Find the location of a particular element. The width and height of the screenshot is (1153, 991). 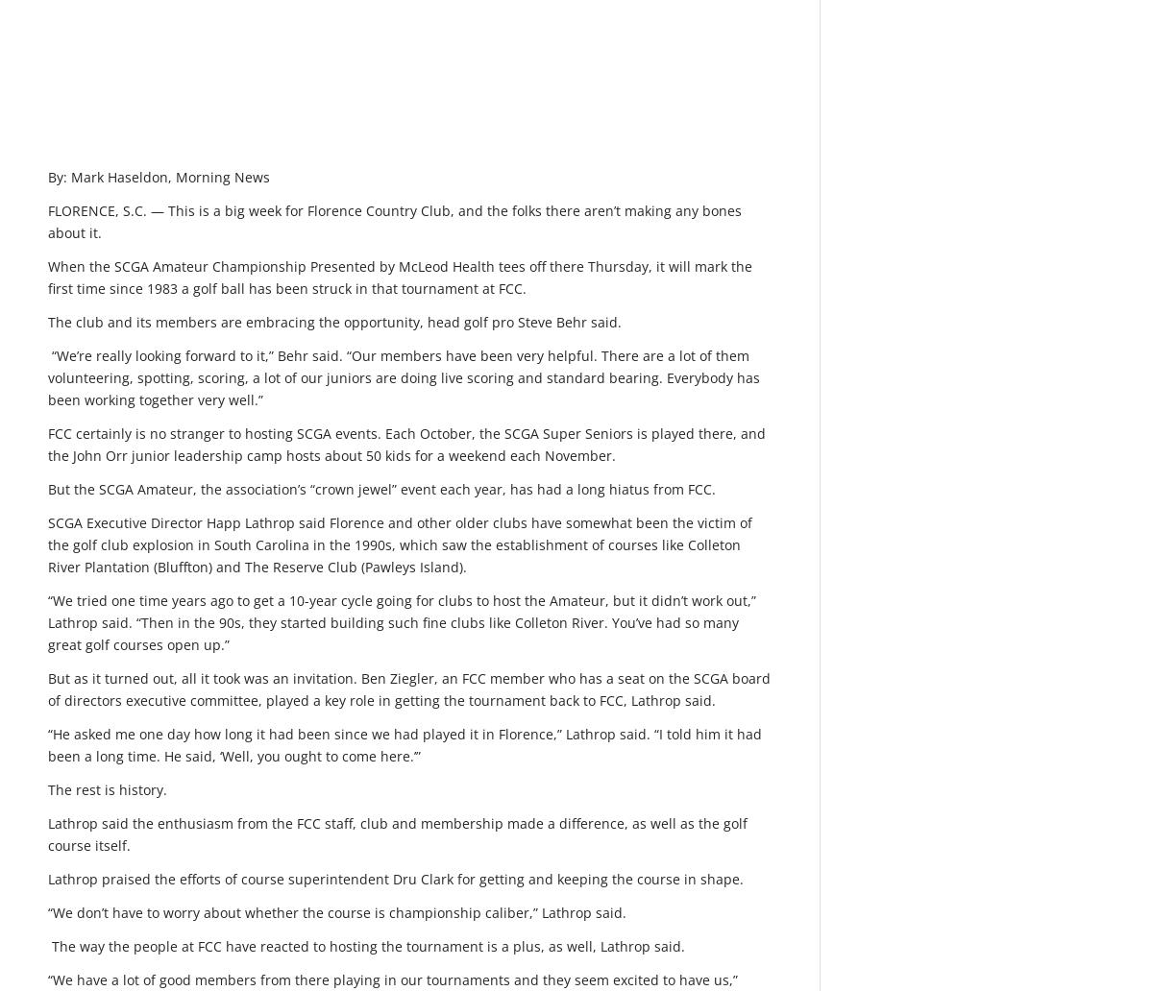

'FCC certainly is no stranger to hosting SCGA events. Each October, the SCGA Super Seniors is played there, and the John Orr junior leadership camp hosts about 50 kids for a weekend each November.' is located at coordinates (406, 443).